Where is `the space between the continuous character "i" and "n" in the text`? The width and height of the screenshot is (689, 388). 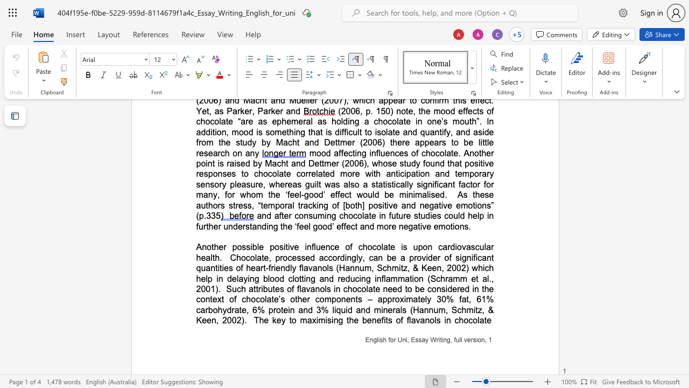 the space between the continuous character "i" and "n" in the text is located at coordinates (307, 247).